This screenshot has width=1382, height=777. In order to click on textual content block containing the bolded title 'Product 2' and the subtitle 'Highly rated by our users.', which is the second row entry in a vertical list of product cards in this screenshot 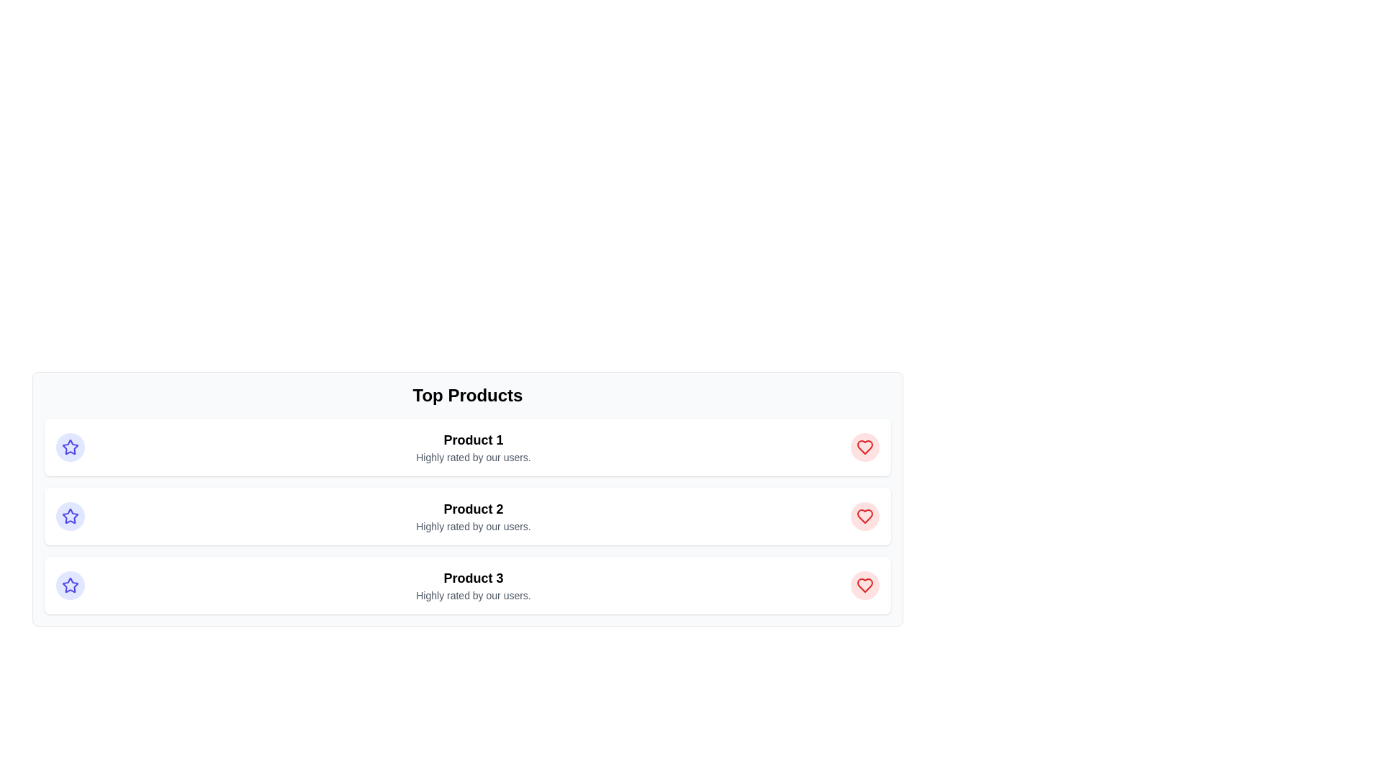, I will do `click(473, 515)`.